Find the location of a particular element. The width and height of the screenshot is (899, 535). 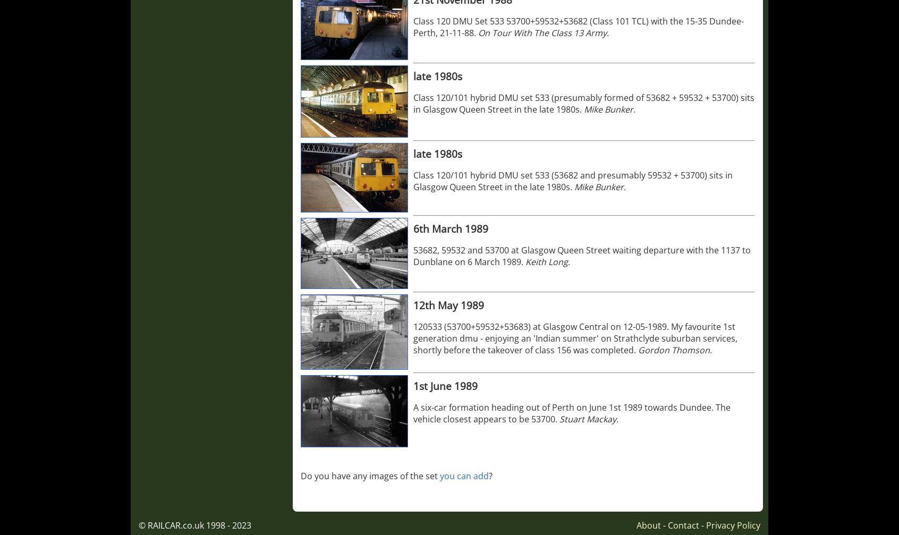

'?' is located at coordinates (490, 475).